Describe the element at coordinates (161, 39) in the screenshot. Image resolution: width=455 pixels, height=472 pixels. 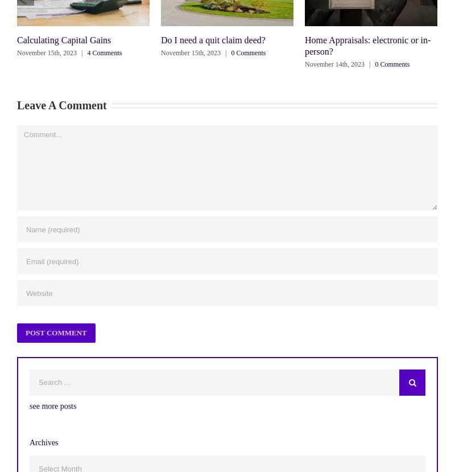
I see `'Do I need a quit claim deed?'` at that location.